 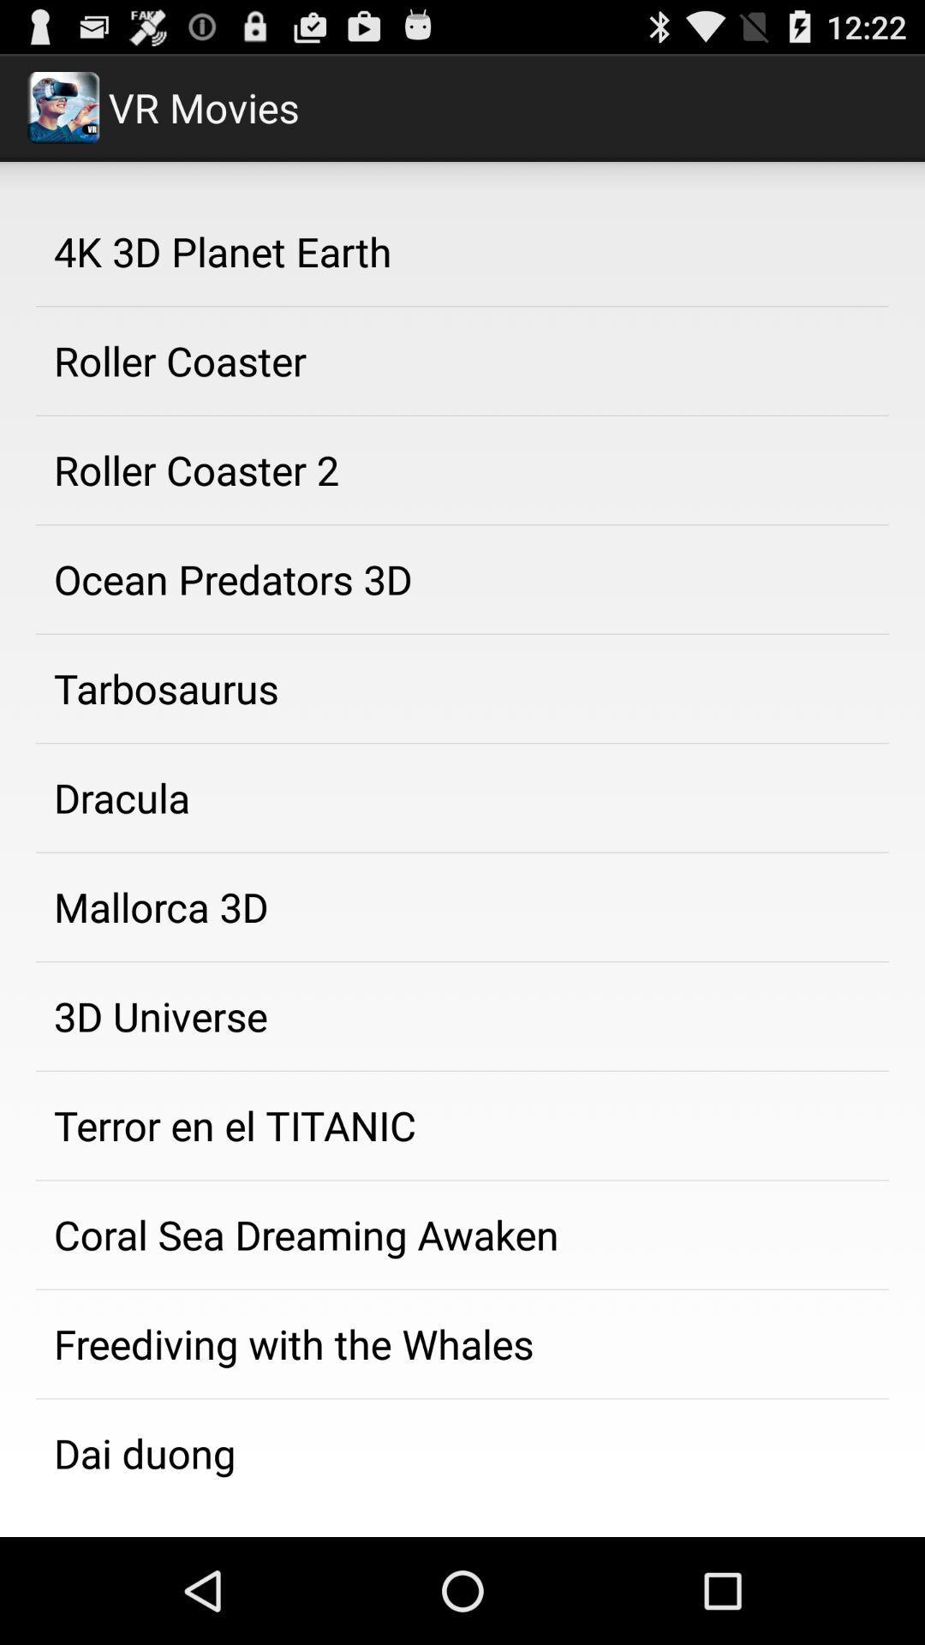 What do you see at coordinates (462, 1016) in the screenshot?
I see `the item above the terror en el item` at bounding box center [462, 1016].